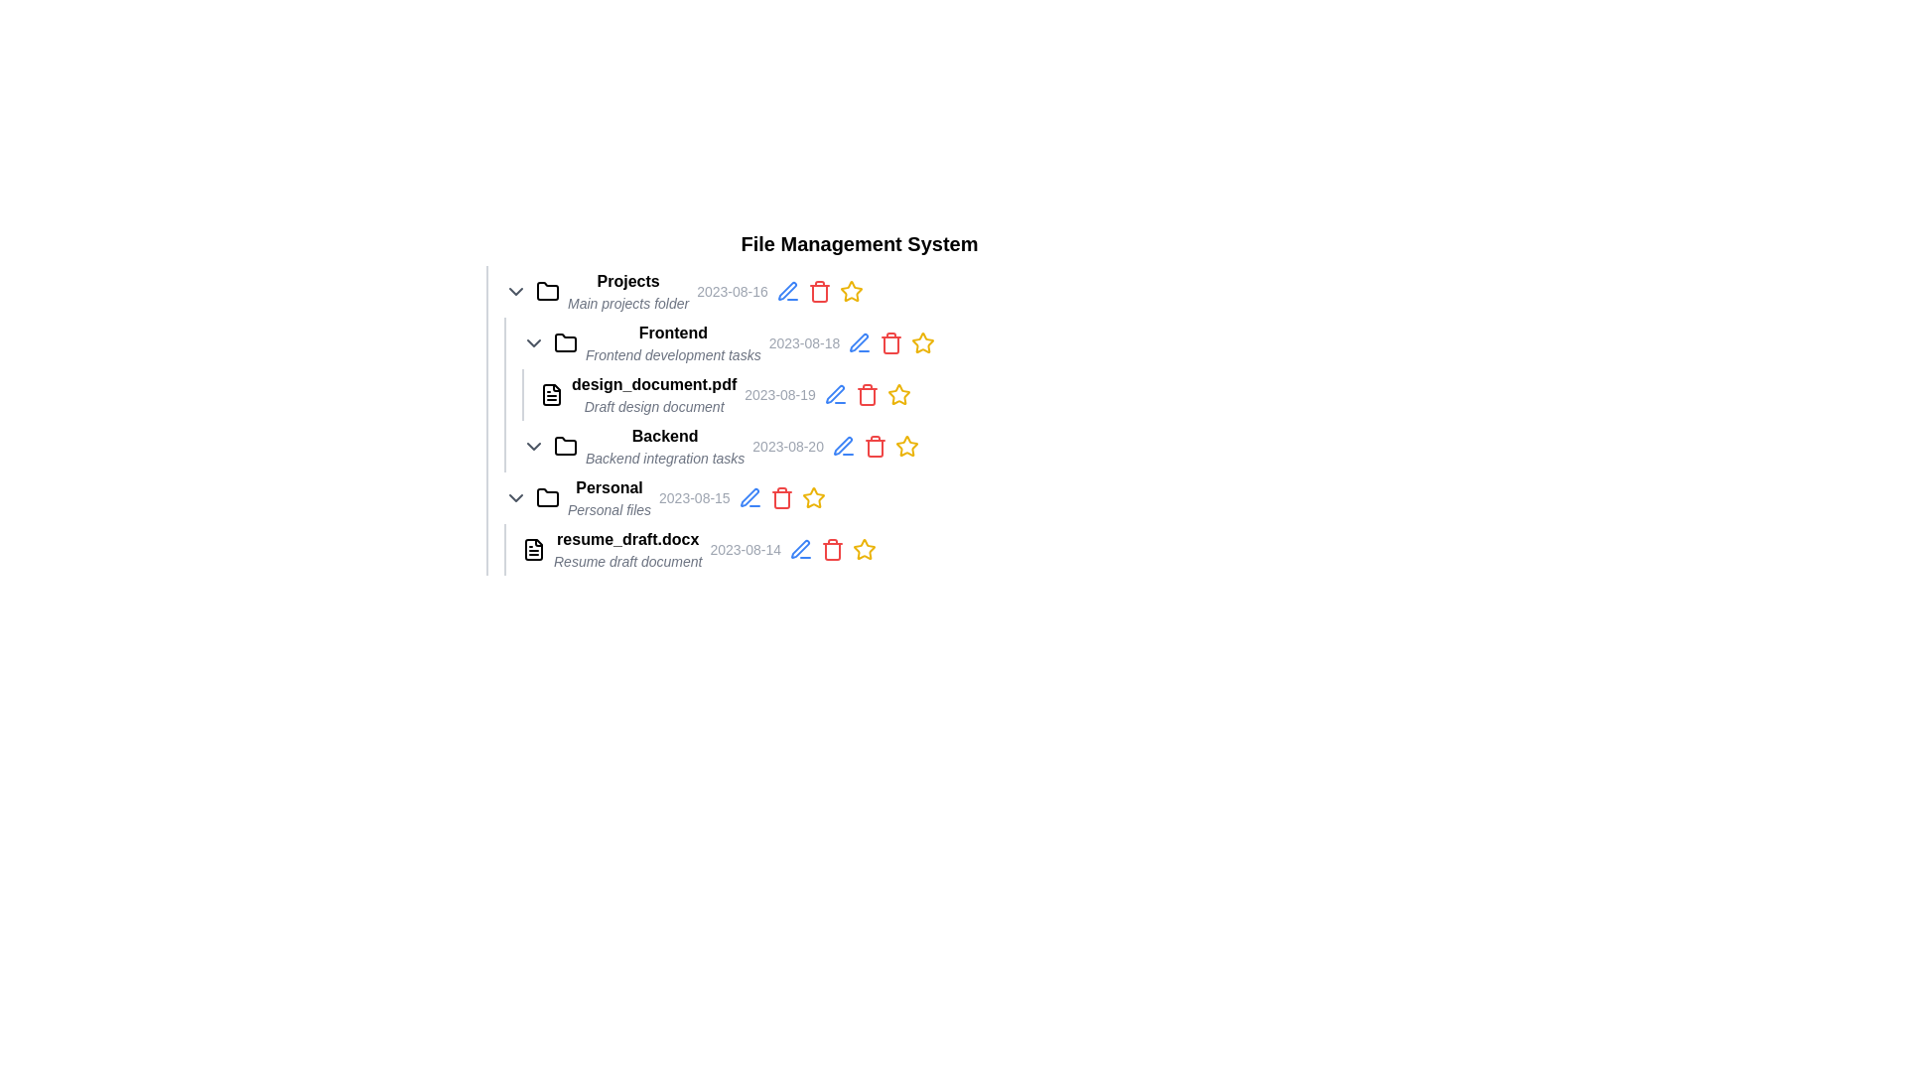  Describe the element at coordinates (548, 496) in the screenshot. I see `the folder icon associated with the 'Personal' section in the file management interface` at that location.